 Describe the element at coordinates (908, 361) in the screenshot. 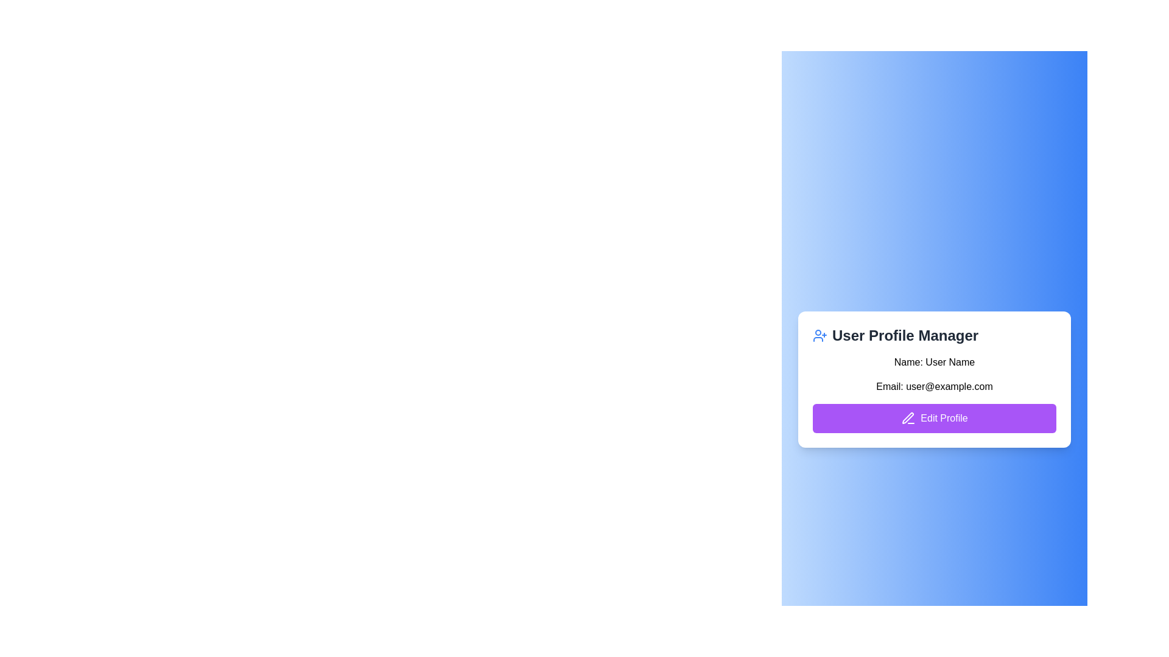

I see `the bold label displaying the text 'Name:', which is aligned to the left of 'User Name' and below 'User Profile Manager'` at that location.